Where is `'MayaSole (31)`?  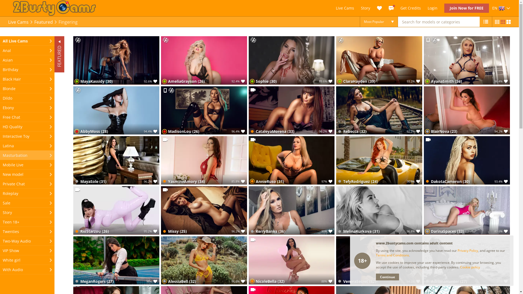
'MayaSole (31) is located at coordinates (116, 160).